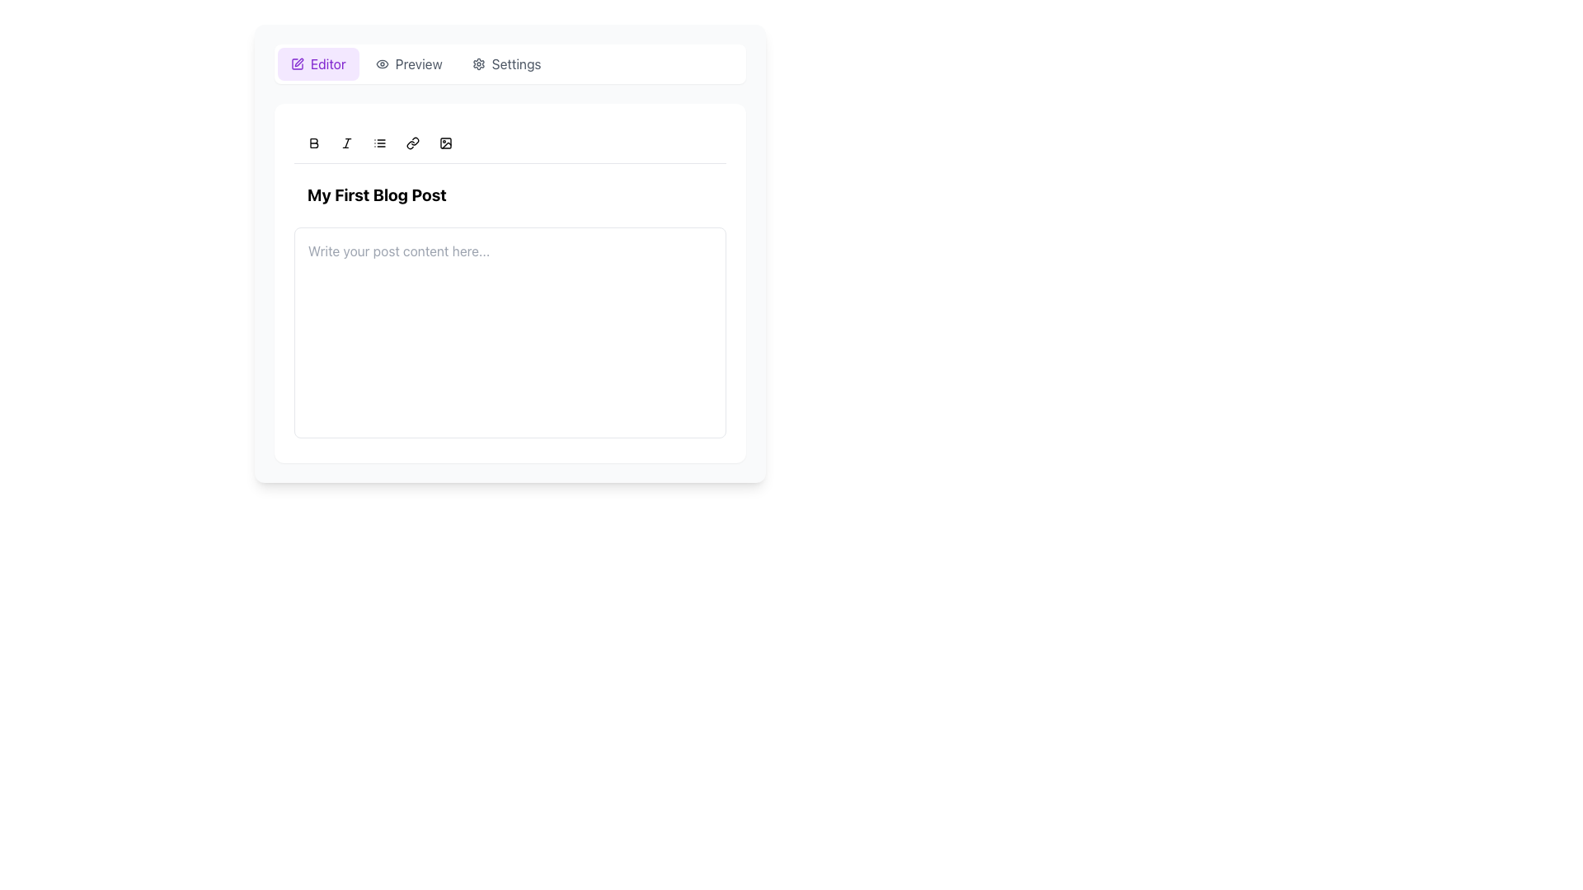  I want to click on the tooltip that provides additional context for the 'List' icon in the control toolbar, so click(381, 133).